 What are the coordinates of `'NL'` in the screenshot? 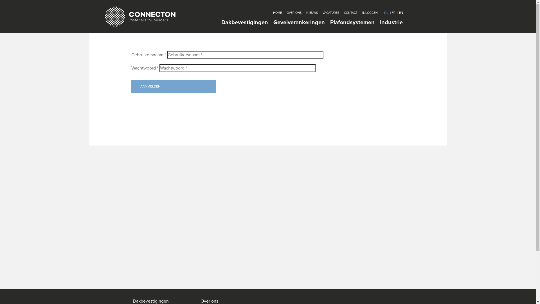 It's located at (386, 13).